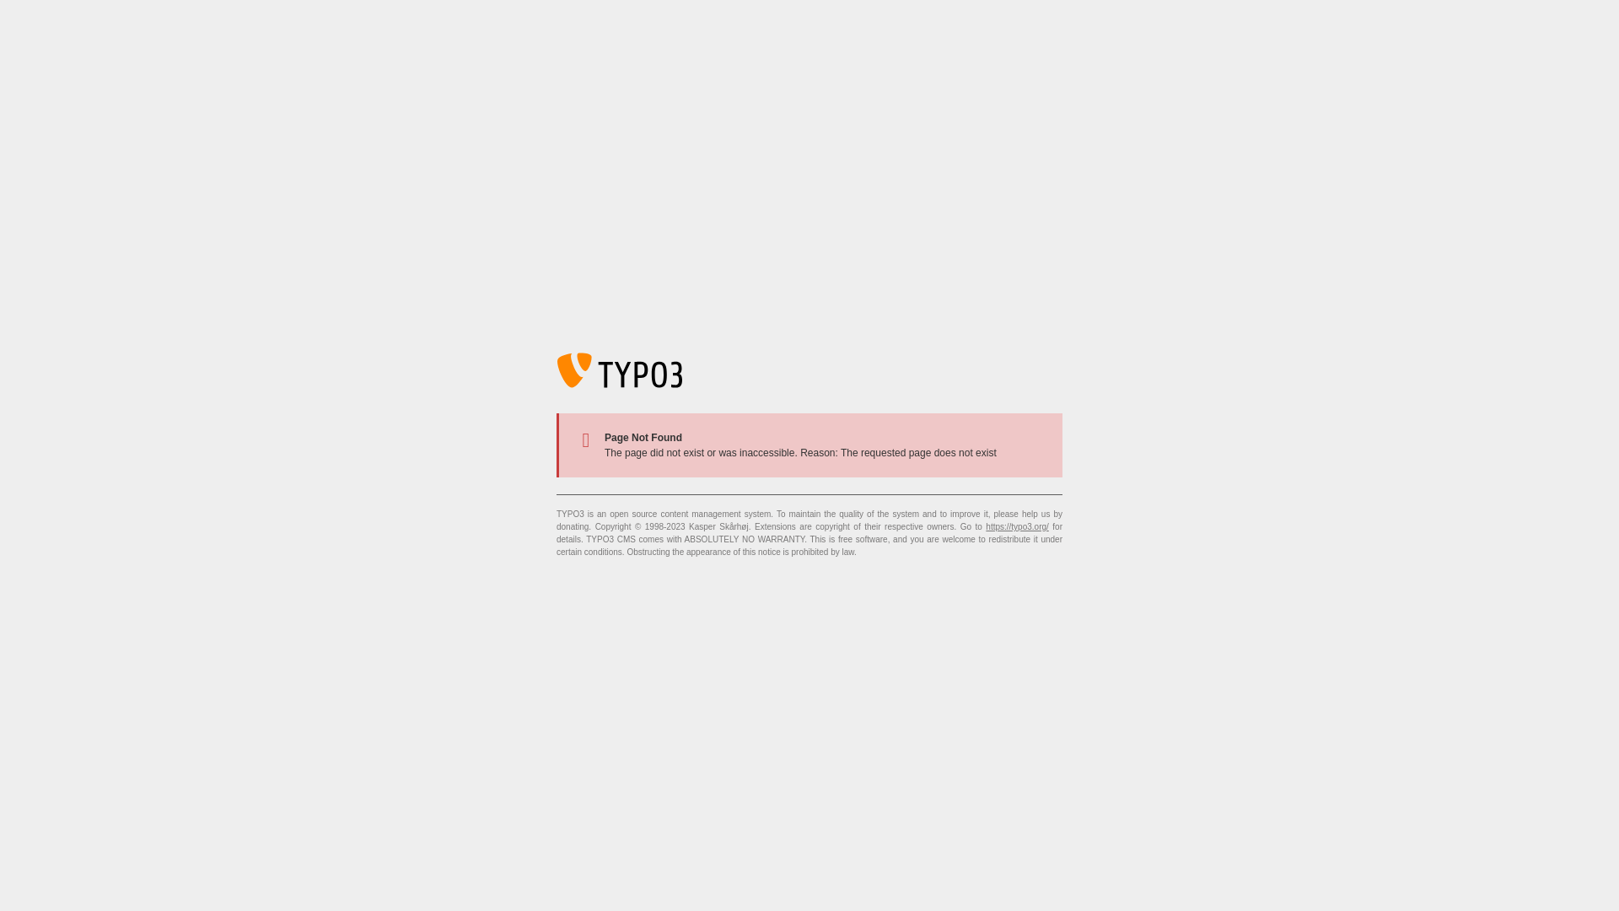 This screenshot has height=911, width=1619. Describe the element at coordinates (1016, 526) in the screenshot. I see `'https://typo3.org/'` at that location.